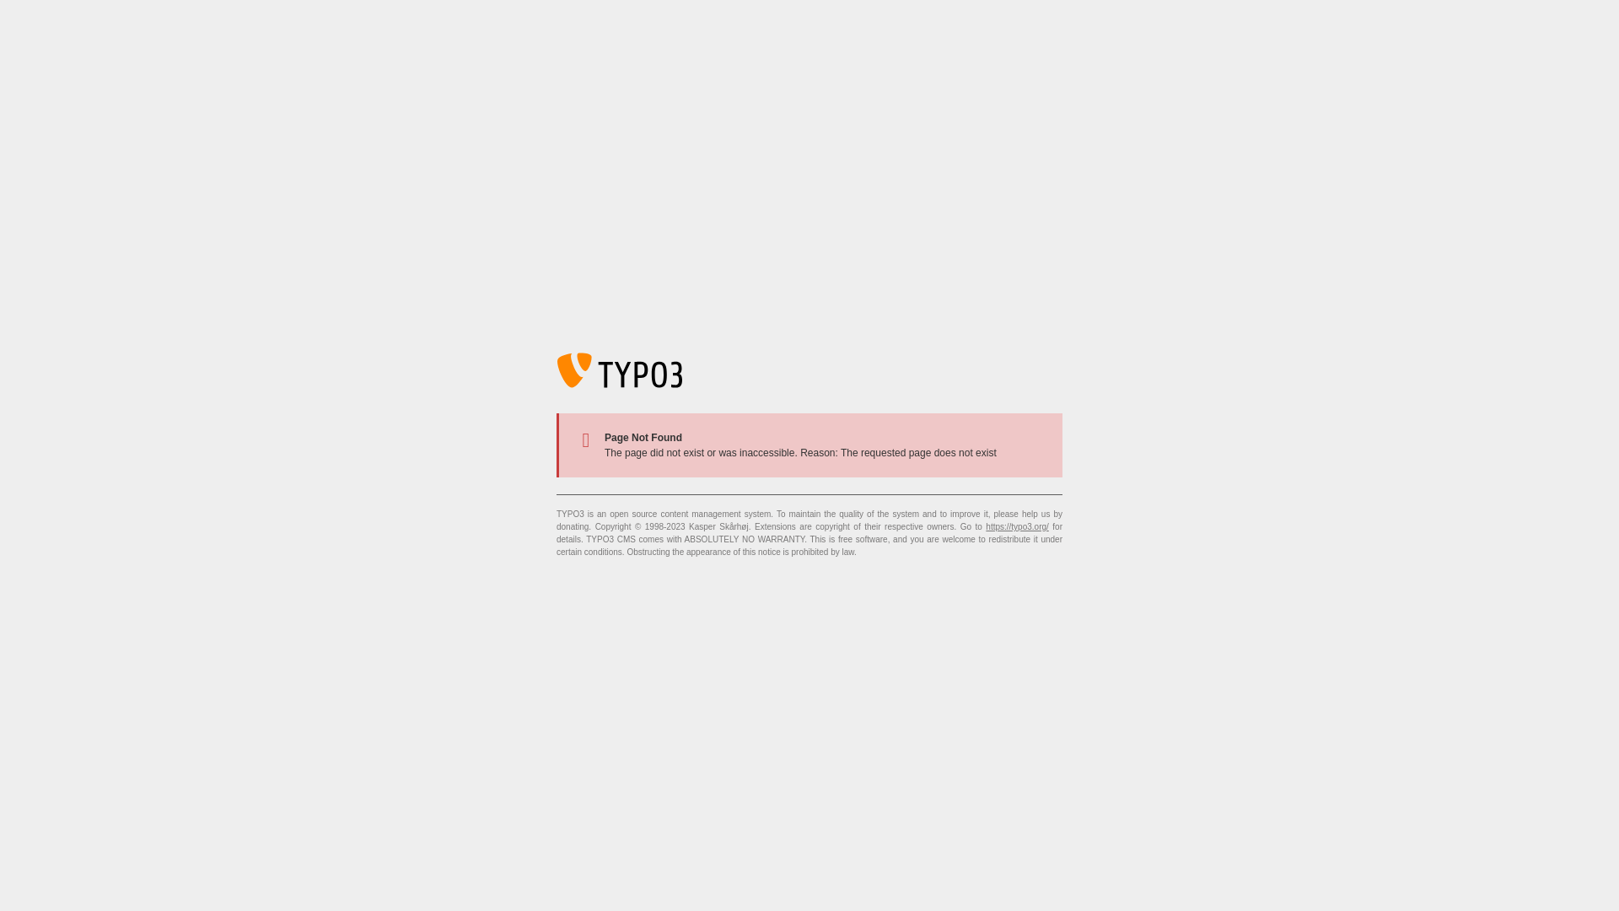 This screenshot has height=911, width=1619. Describe the element at coordinates (1016, 526) in the screenshot. I see `'https://typo3.org/'` at that location.